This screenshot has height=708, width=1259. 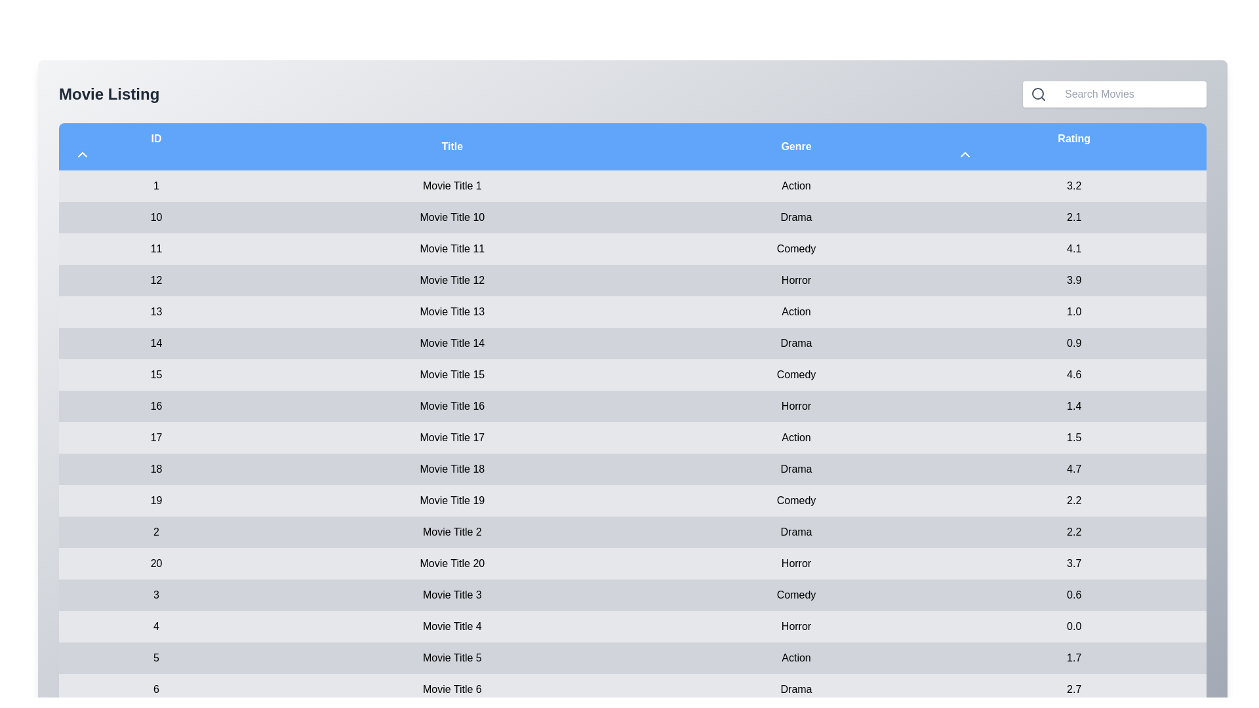 What do you see at coordinates (1129, 93) in the screenshot?
I see `the search bar and type the movie name` at bounding box center [1129, 93].